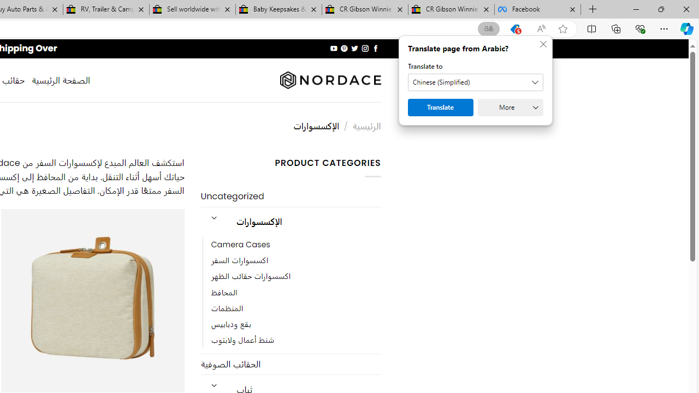  I want to click on 'Follow on Facebook', so click(375, 48).